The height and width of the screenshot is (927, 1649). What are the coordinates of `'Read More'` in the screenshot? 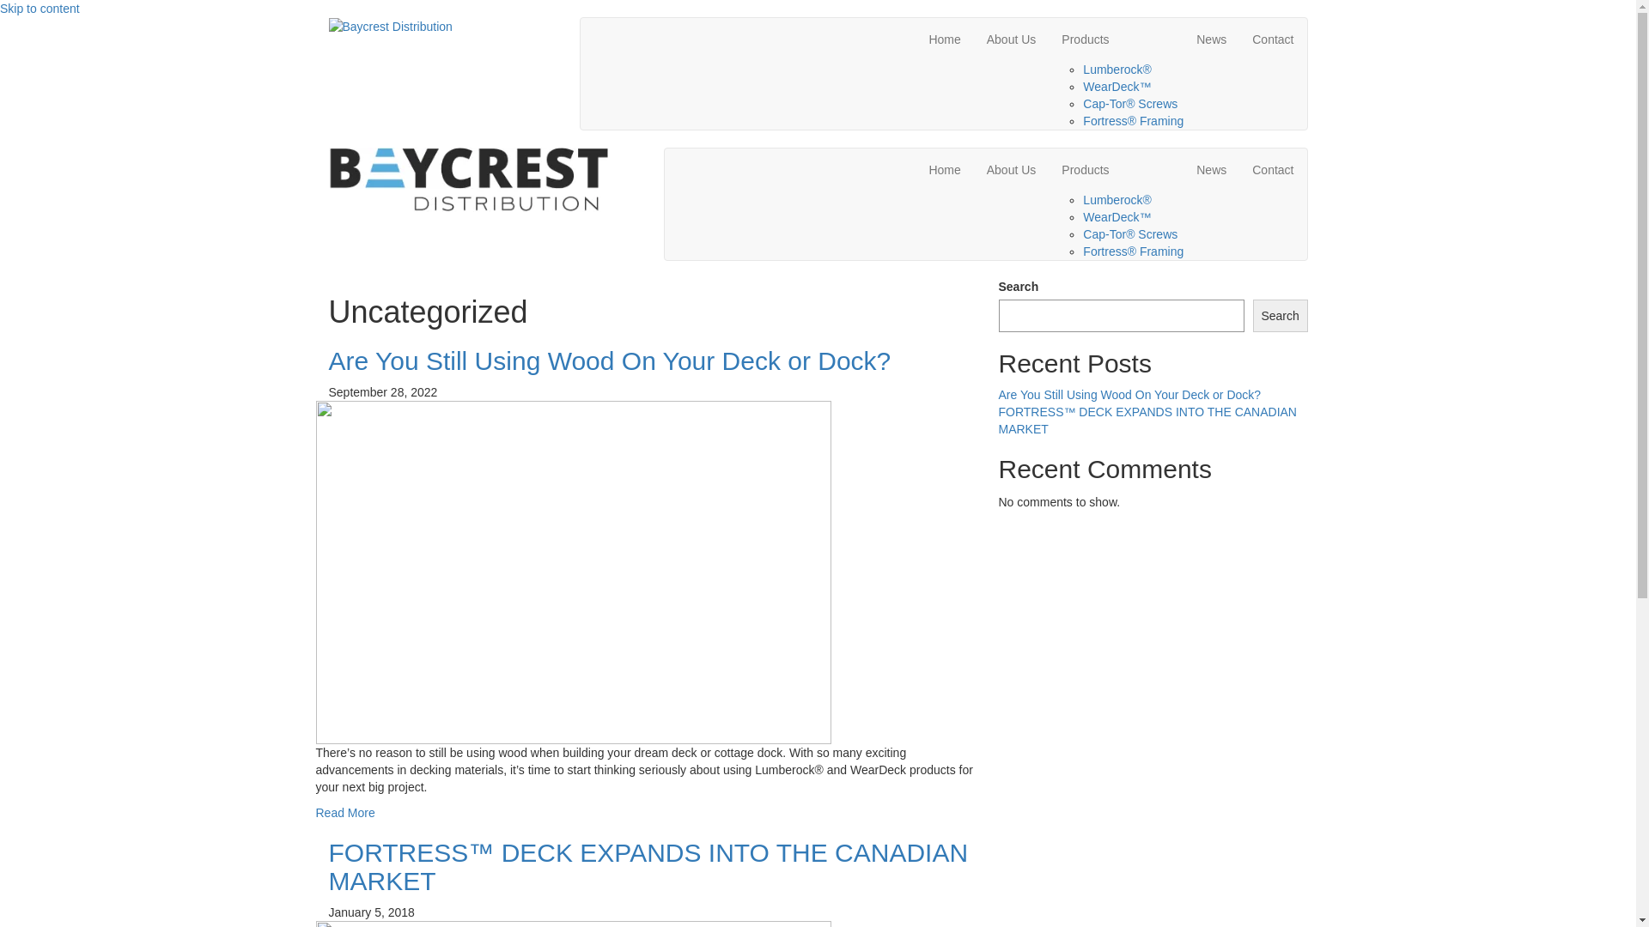 It's located at (344, 812).